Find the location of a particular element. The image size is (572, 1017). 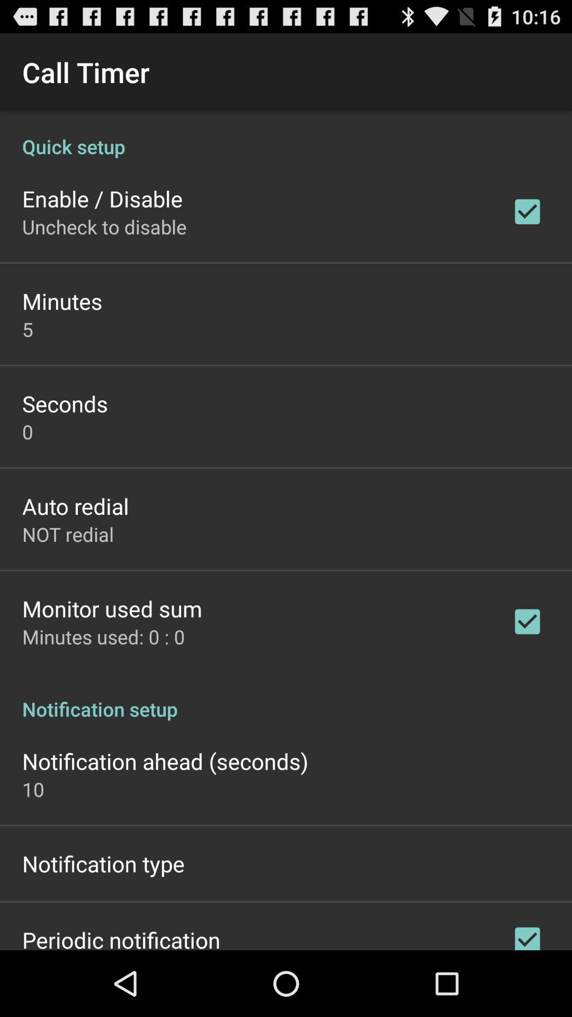

not redial item is located at coordinates (68, 534).